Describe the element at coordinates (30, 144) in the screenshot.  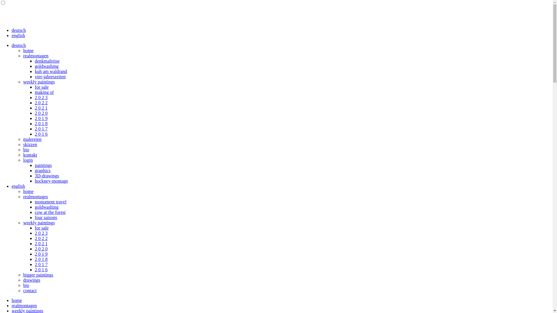
I see `'skizzen'` at that location.